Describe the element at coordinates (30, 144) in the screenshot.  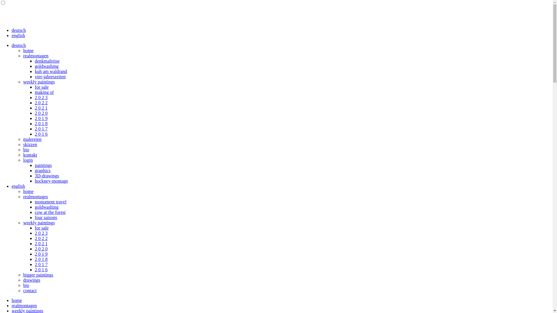
I see `'skizzen'` at that location.